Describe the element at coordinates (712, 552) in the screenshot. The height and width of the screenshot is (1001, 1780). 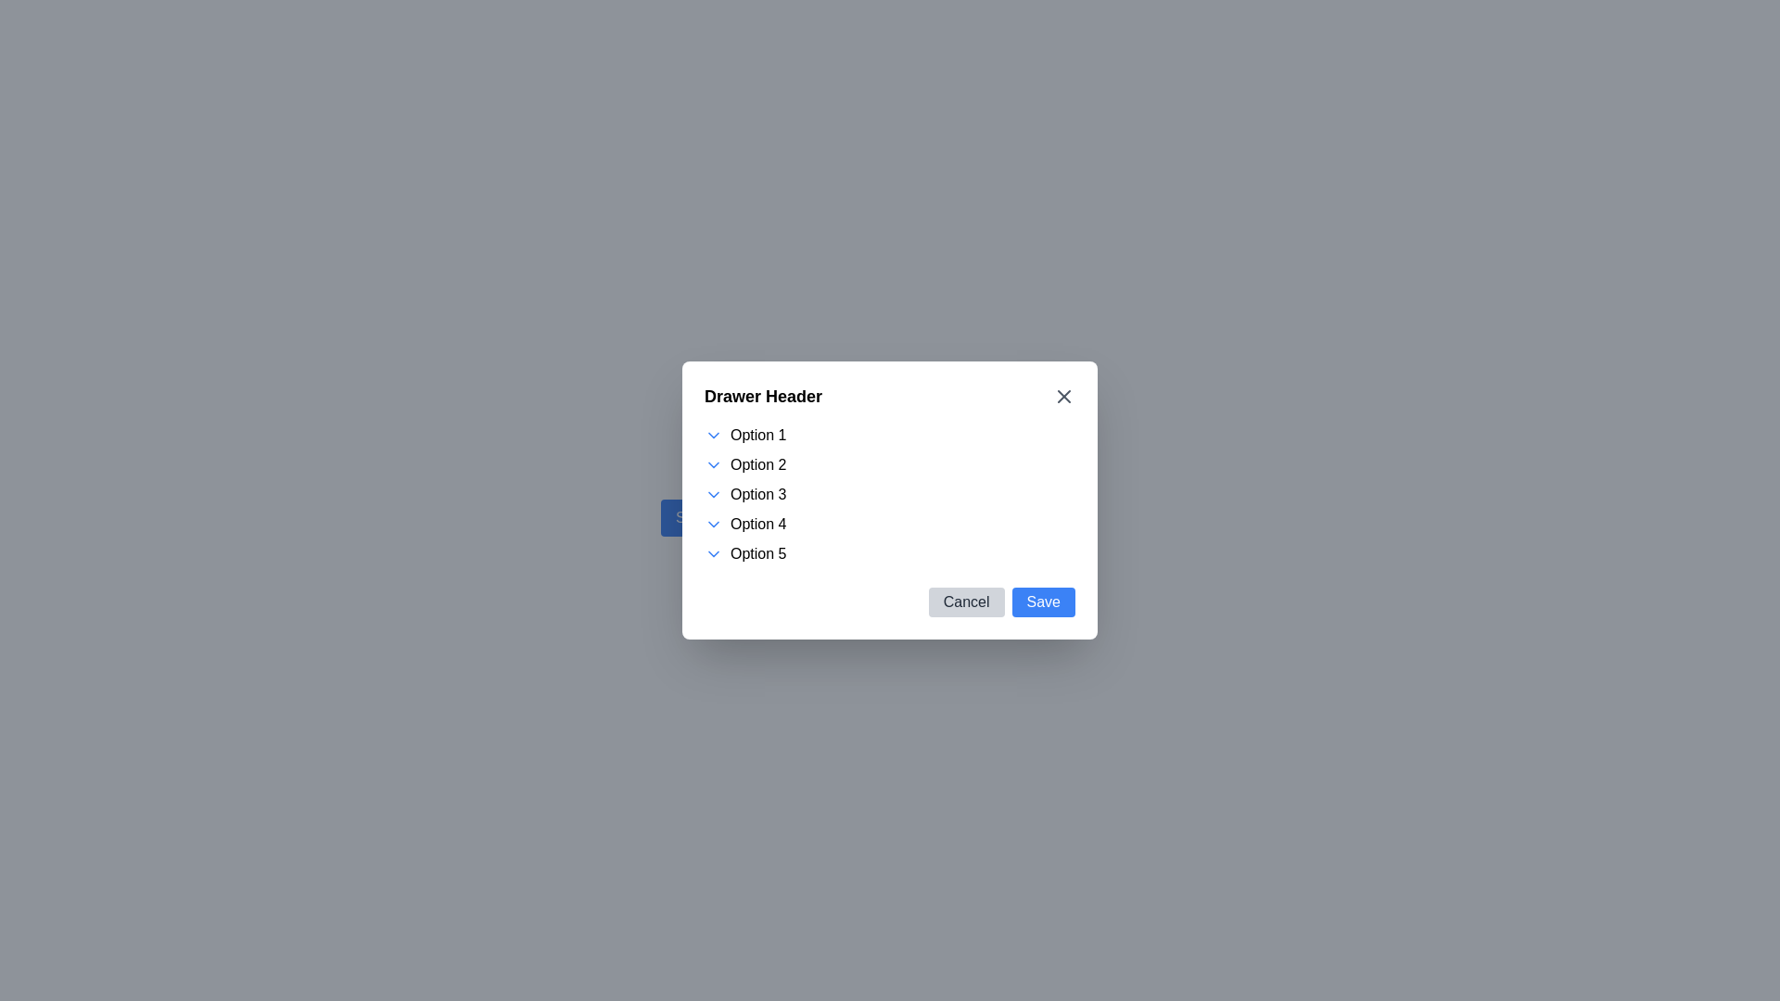
I see `the icon located to the left of the text 'Option 5'` at that location.